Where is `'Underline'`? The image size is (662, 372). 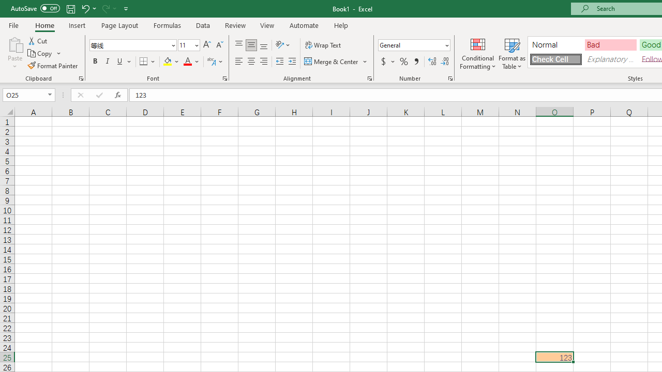
'Underline' is located at coordinates (120, 61).